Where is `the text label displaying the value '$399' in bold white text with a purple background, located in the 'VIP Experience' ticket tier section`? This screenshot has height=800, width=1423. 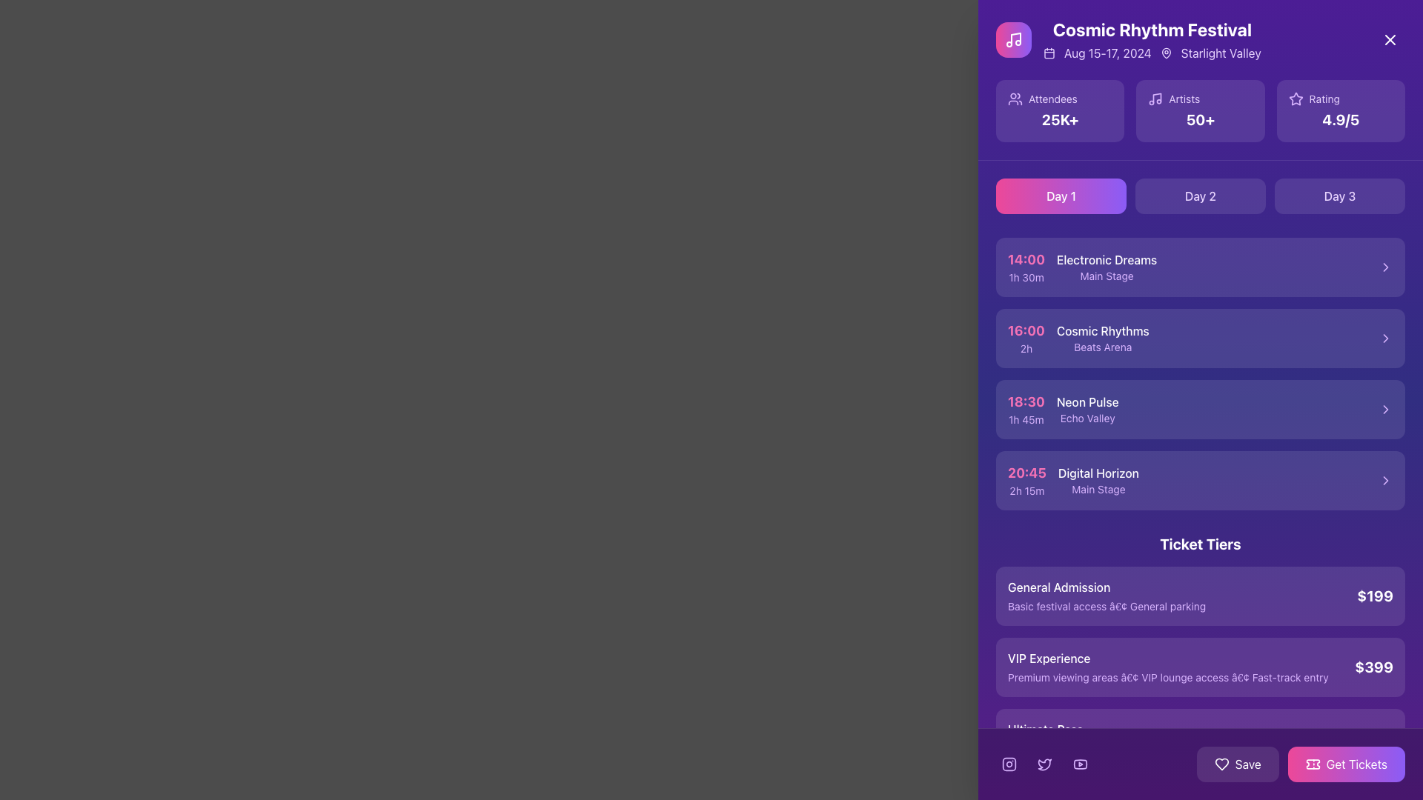
the text label displaying the value '$399' in bold white text with a purple background, located in the 'VIP Experience' ticket tier section is located at coordinates (1373, 667).